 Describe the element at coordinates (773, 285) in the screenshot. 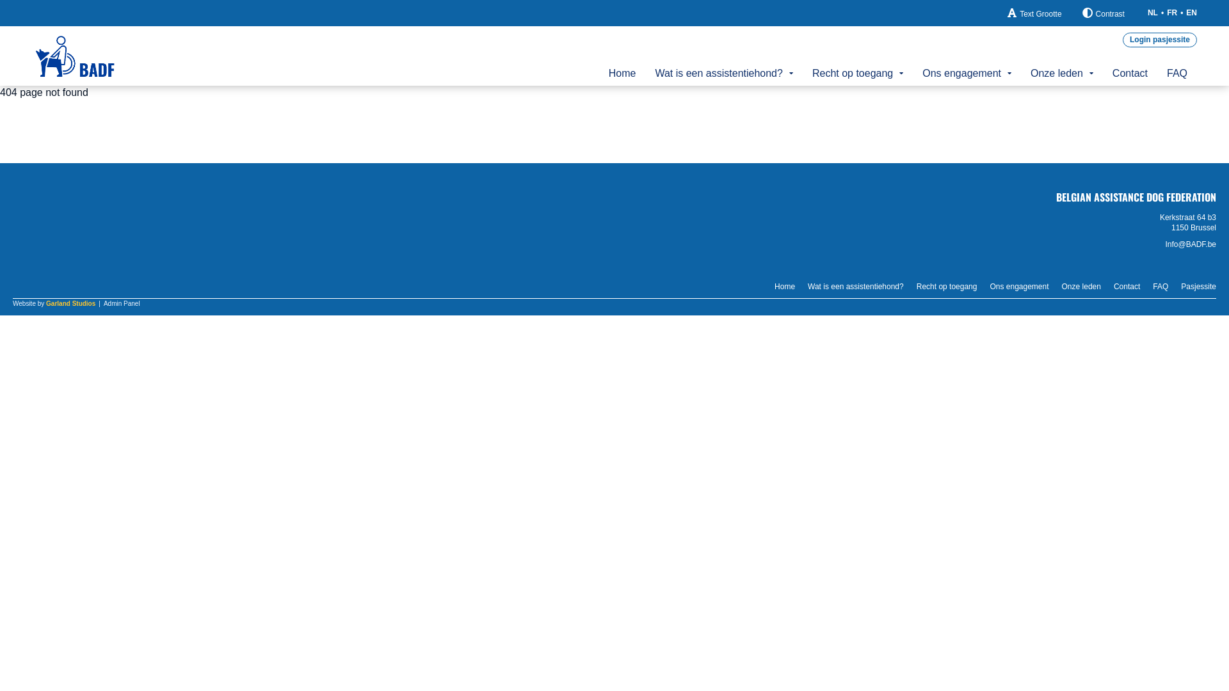

I see `'Home'` at that location.